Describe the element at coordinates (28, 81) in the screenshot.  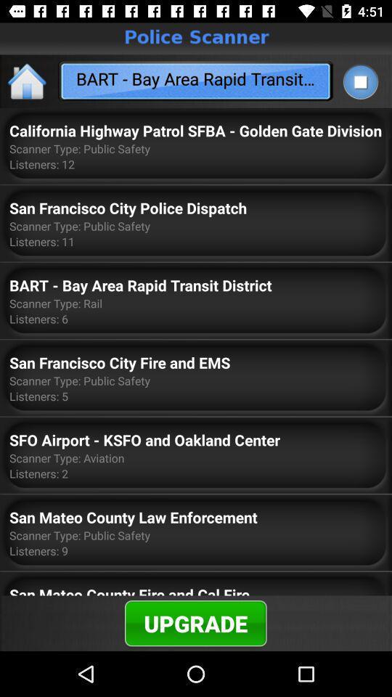
I see `go home` at that location.